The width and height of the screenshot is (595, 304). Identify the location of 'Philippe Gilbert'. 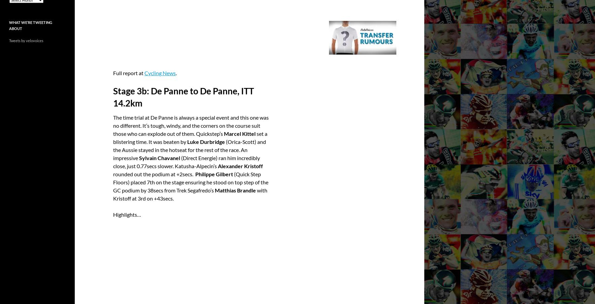
(213, 173).